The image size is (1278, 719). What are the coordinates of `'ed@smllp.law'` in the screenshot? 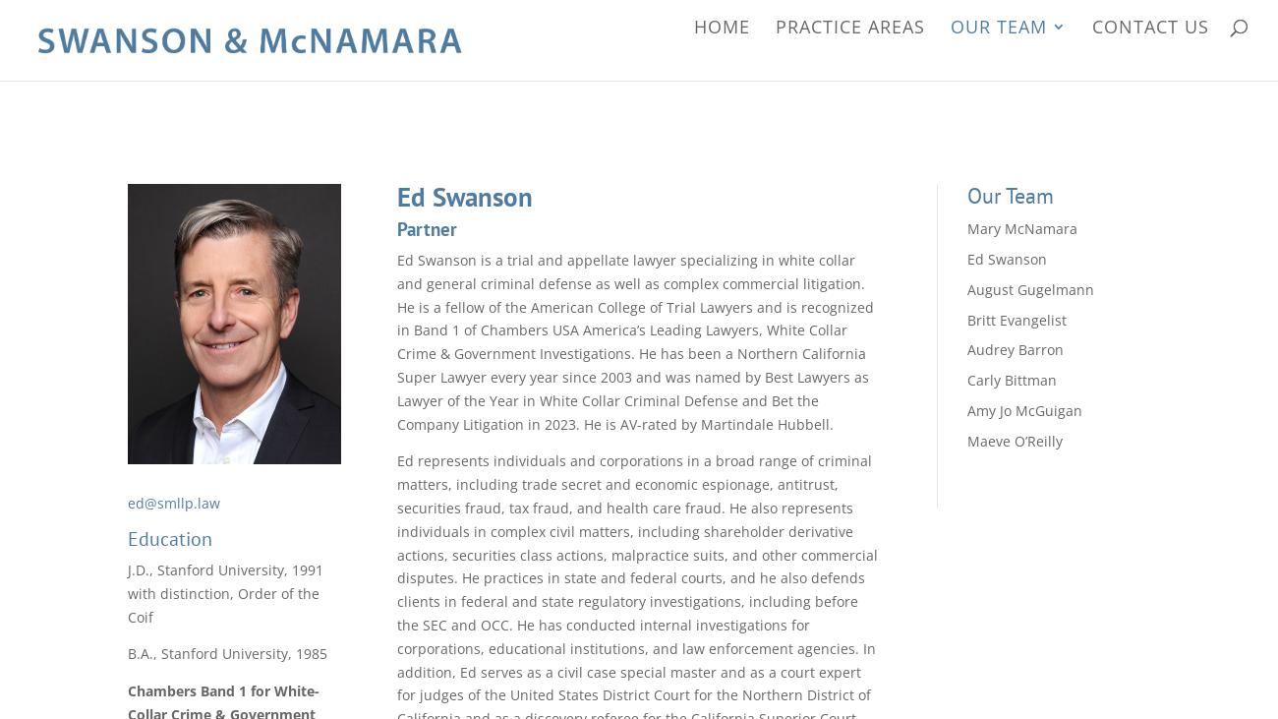 It's located at (174, 502).